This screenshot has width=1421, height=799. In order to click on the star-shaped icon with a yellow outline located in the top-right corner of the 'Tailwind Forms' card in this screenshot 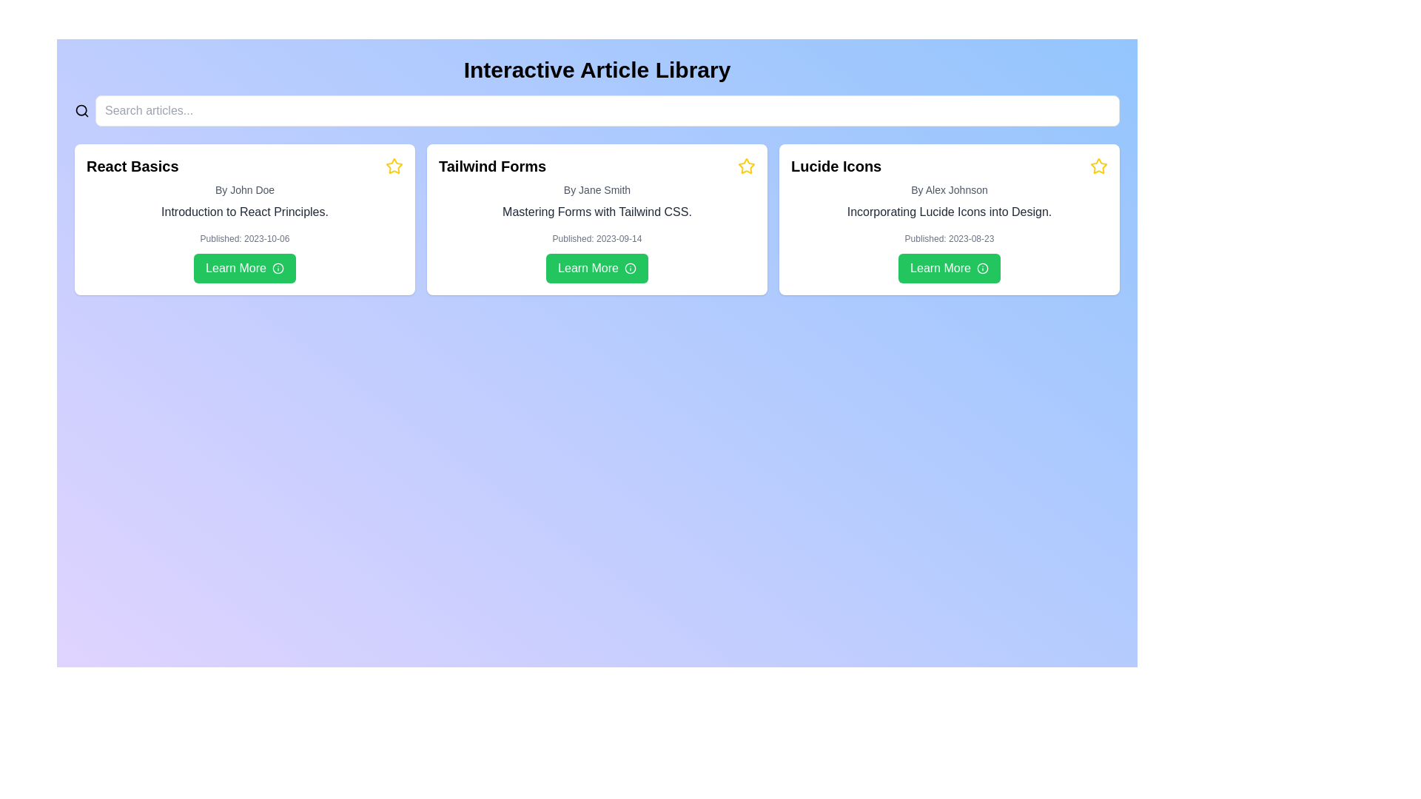, I will do `click(746, 166)`.